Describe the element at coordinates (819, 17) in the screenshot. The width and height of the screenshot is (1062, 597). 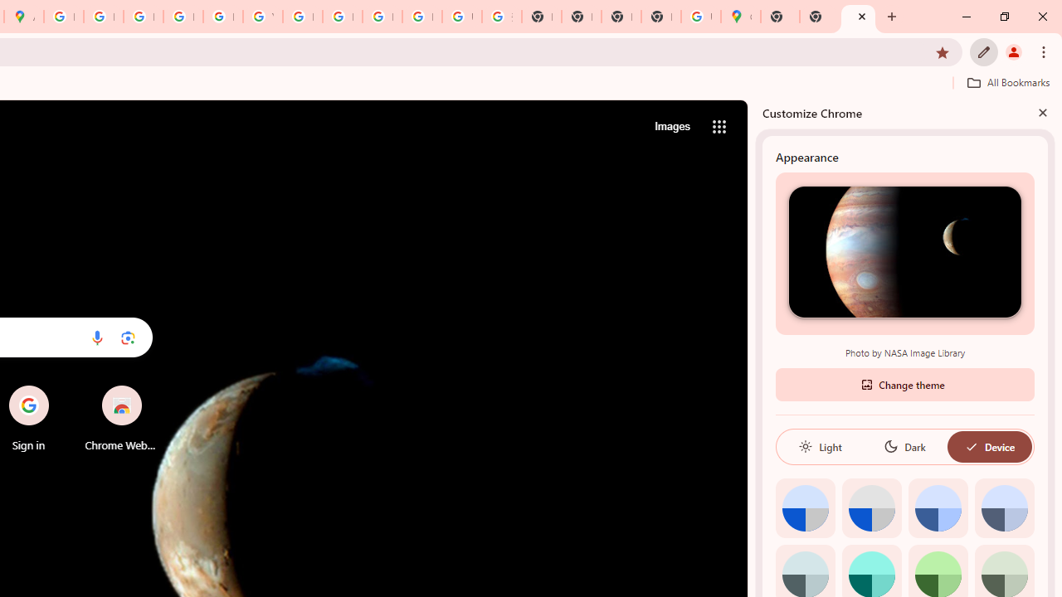
I see `'New Tab'` at that location.